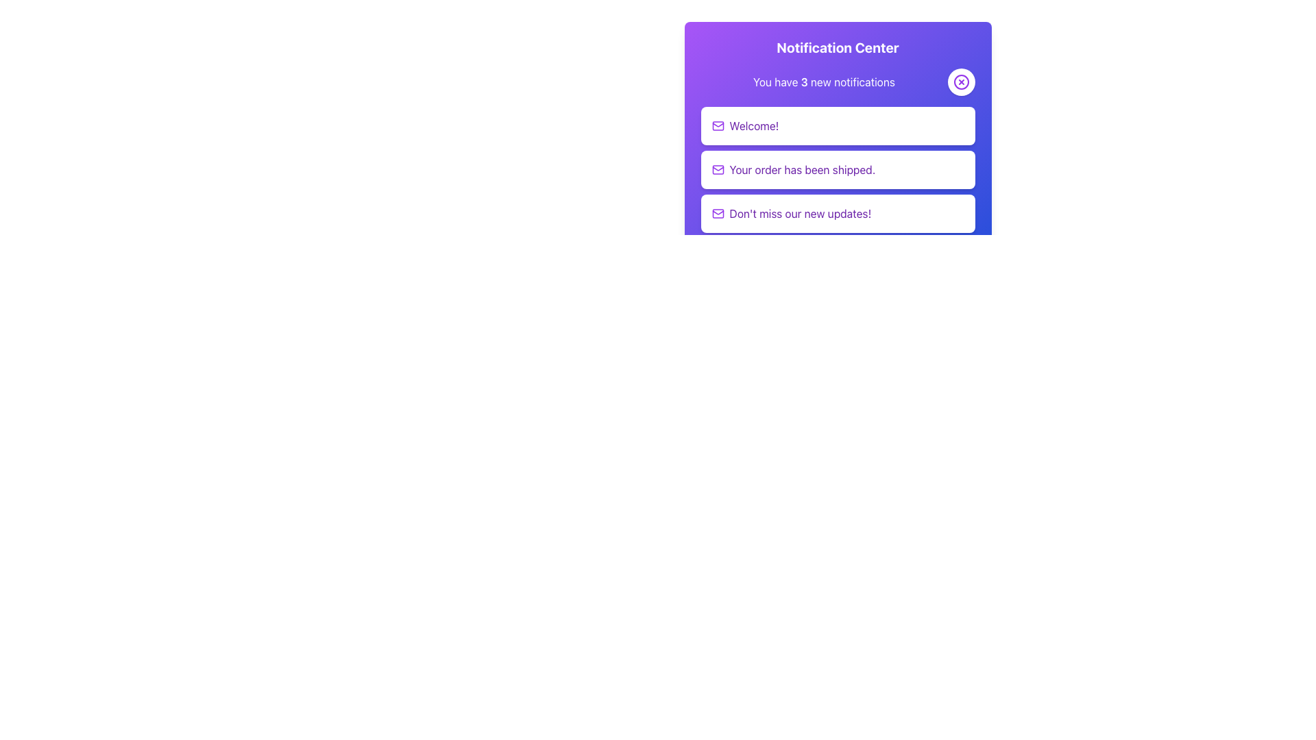  What do you see at coordinates (960, 82) in the screenshot?
I see `the circle element representing the close button for the notification center in the top-right corner of the notification card interface` at bounding box center [960, 82].